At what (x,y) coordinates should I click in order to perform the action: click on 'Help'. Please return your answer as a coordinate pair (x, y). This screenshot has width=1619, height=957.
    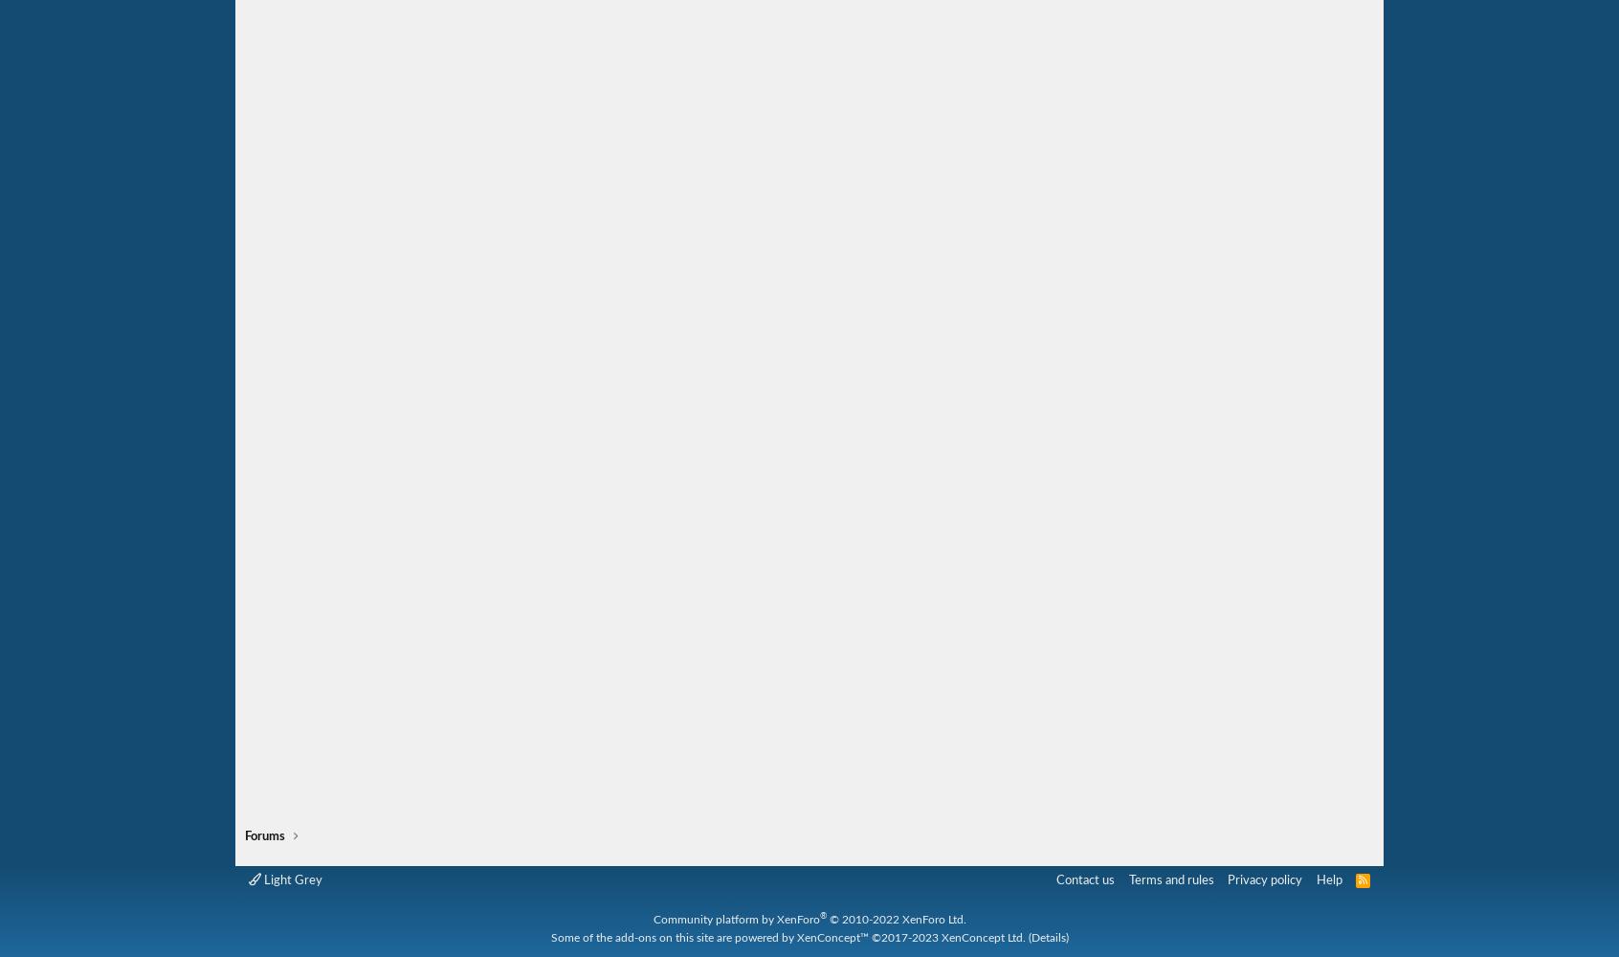
    Looking at the image, I should click on (1328, 879).